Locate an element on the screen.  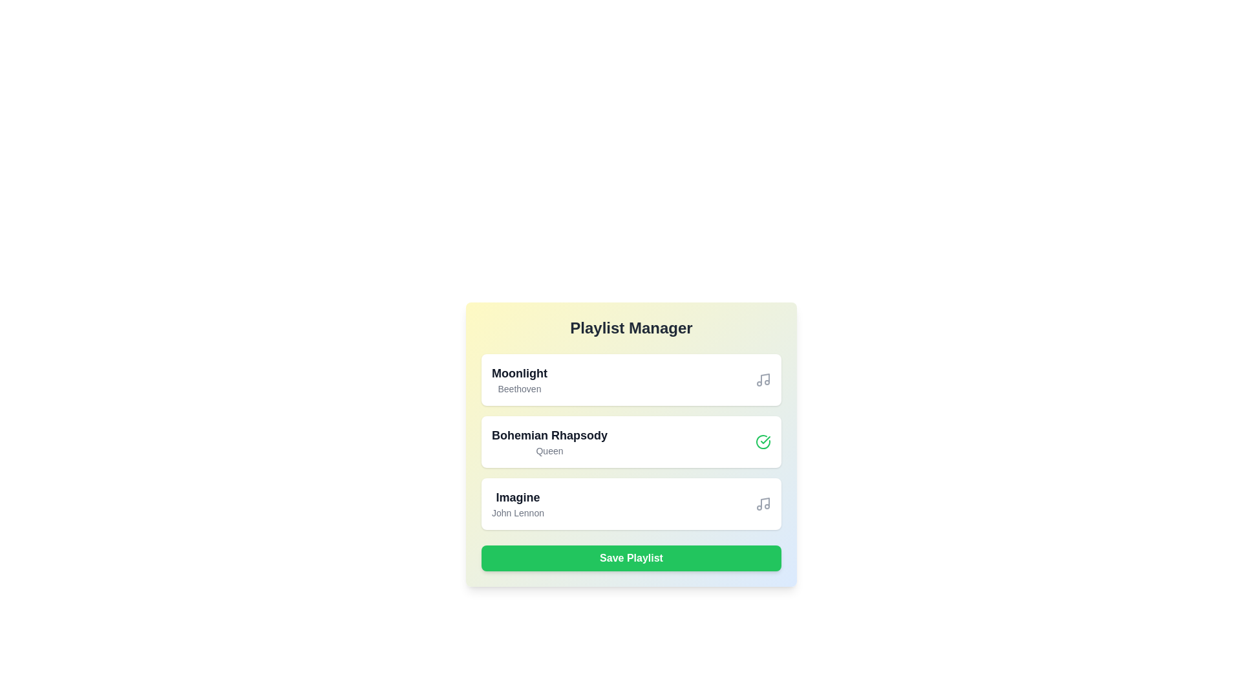
the icon for the song titled Imagine is located at coordinates (763, 503).